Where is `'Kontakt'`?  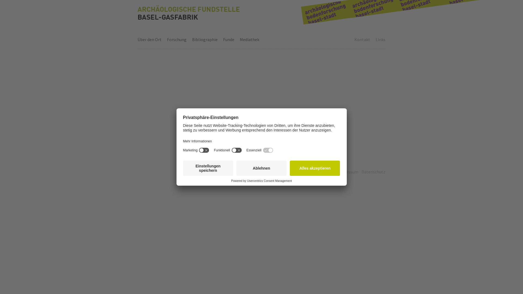 'Kontakt' is located at coordinates (352, 39).